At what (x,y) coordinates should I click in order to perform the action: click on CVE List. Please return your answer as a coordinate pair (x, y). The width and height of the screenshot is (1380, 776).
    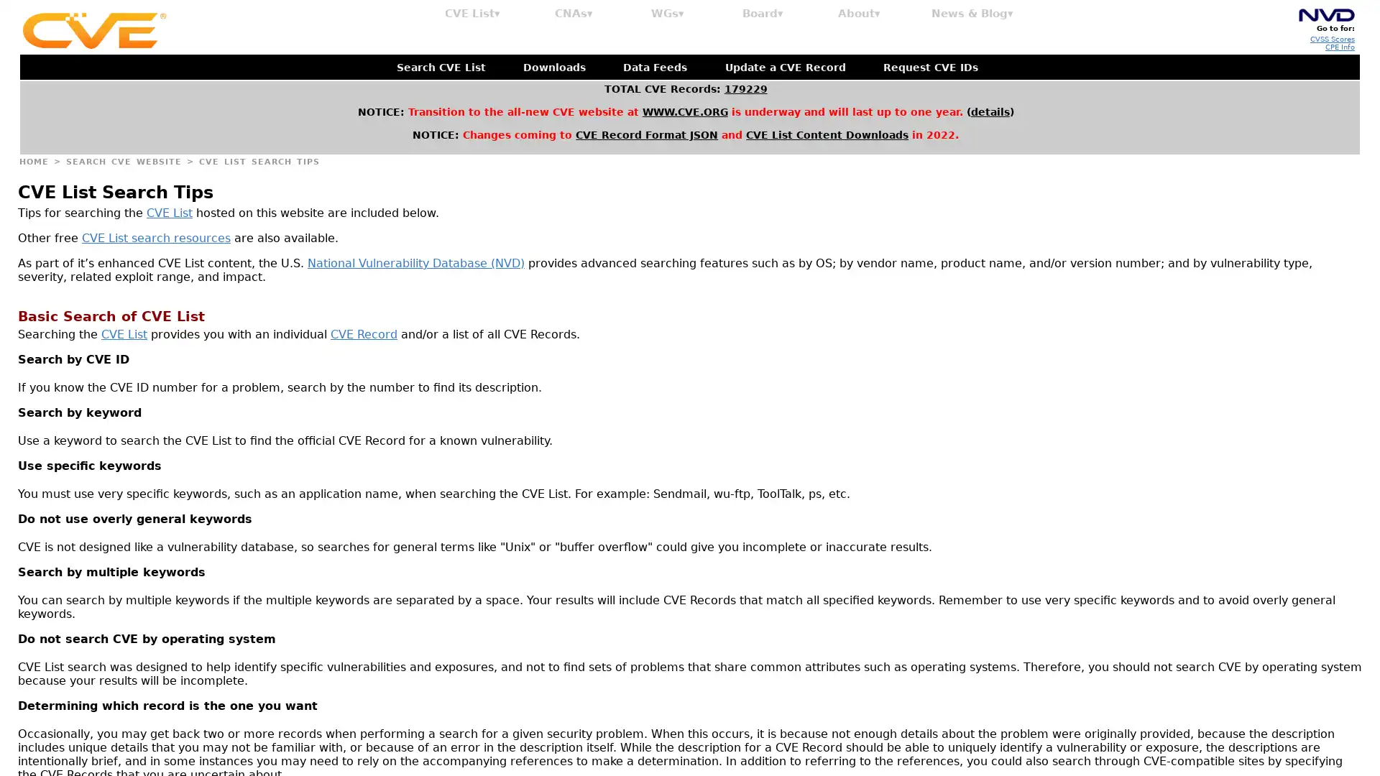
    Looking at the image, I should click on (472, 14).